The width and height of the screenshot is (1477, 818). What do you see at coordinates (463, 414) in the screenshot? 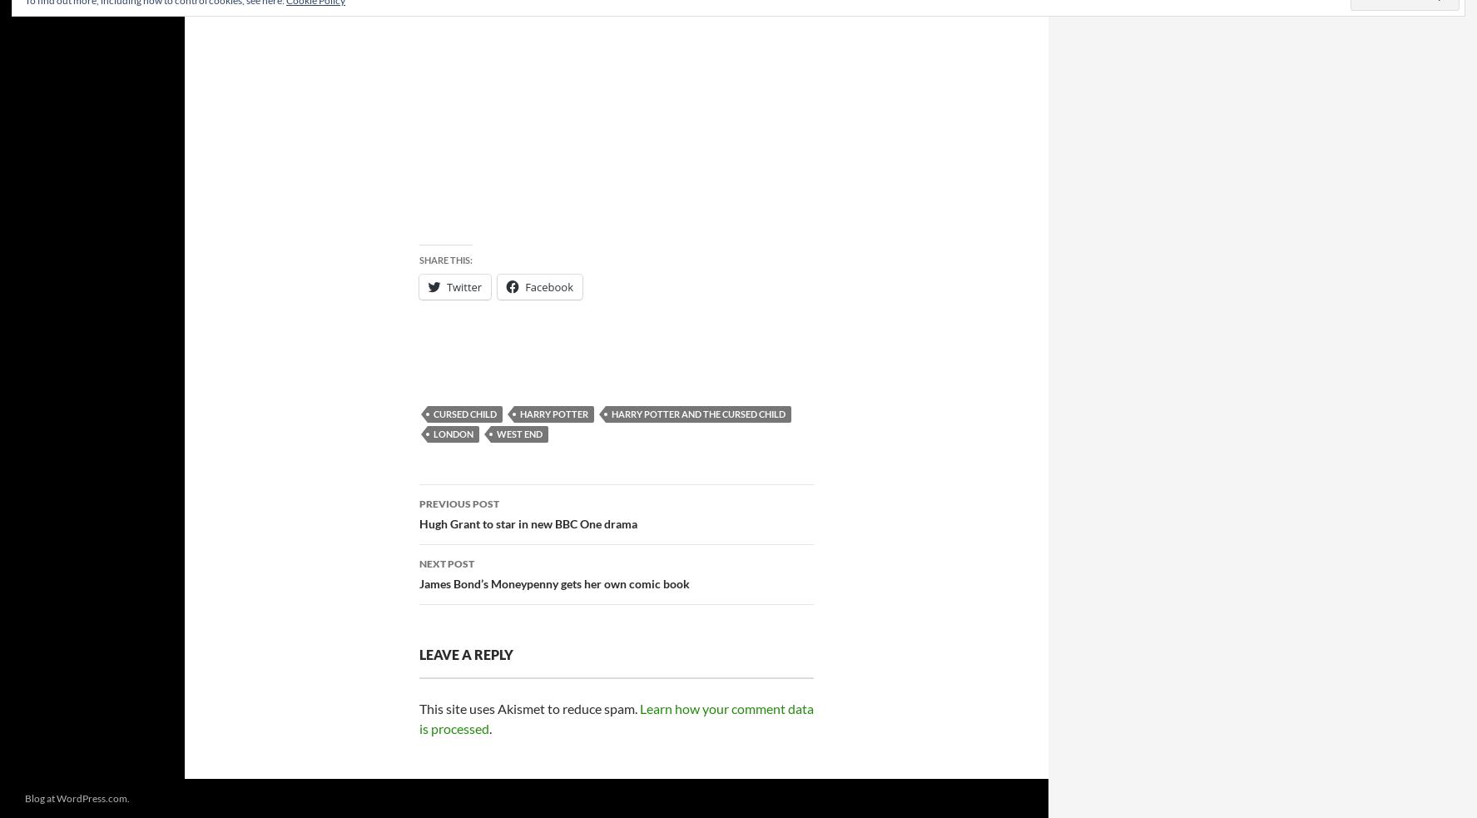
I see `'Cursed Child'` at bounding box center [463, 414].